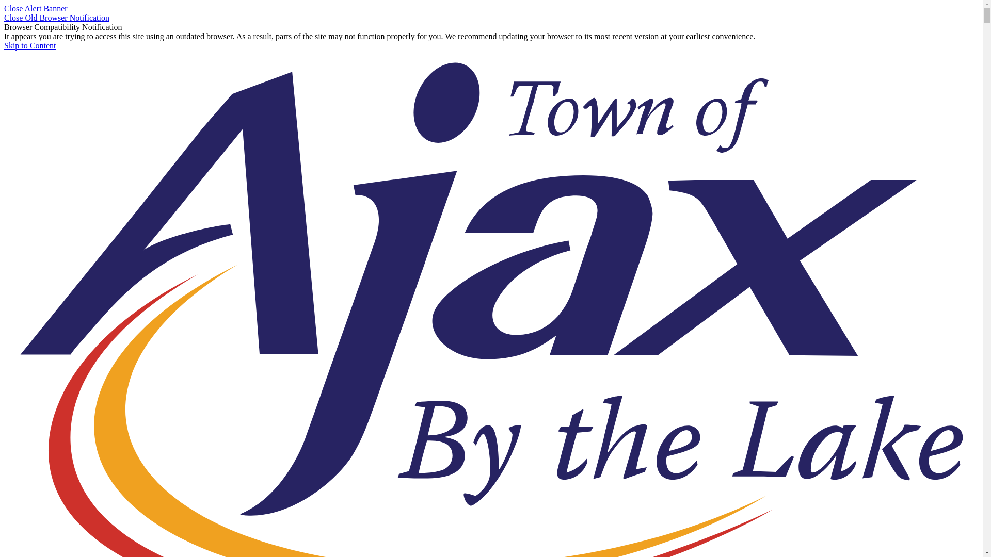  I want to click on 'Skip to Content', so click(29, 45).